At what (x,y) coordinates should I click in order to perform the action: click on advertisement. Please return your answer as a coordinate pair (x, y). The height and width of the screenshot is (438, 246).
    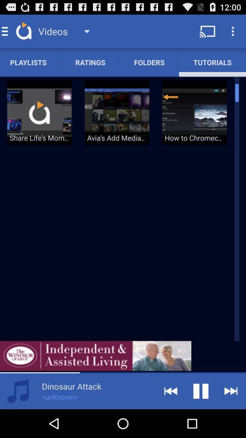
    Looking at the image, I should click on (95, 355).